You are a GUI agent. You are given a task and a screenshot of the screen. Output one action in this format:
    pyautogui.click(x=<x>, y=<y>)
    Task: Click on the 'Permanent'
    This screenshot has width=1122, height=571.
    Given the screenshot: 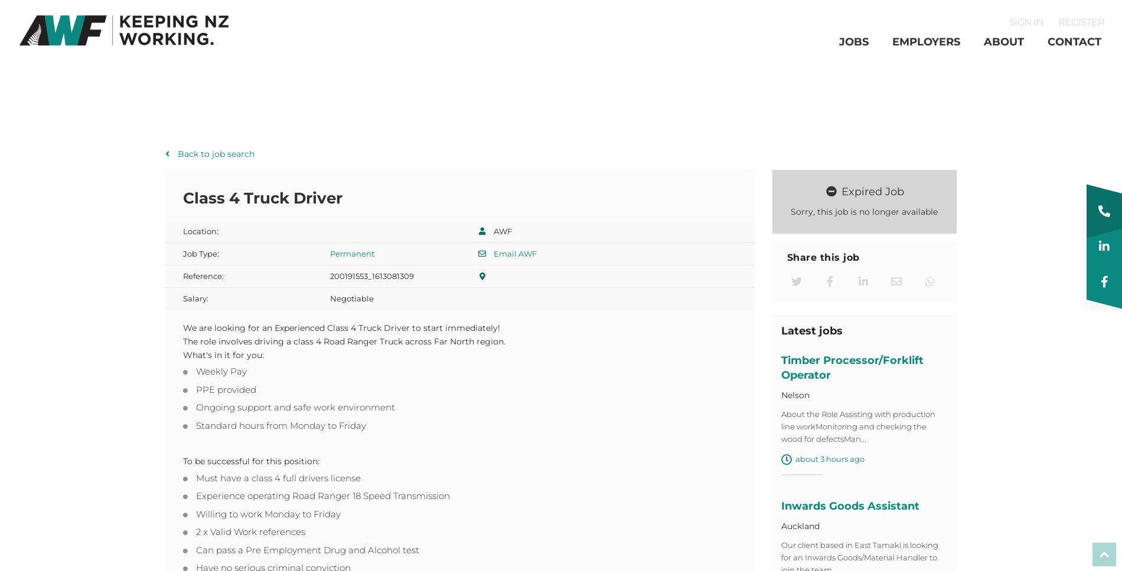 What is the action you would take?
    pyautogui.click(x=352, y=257)
    